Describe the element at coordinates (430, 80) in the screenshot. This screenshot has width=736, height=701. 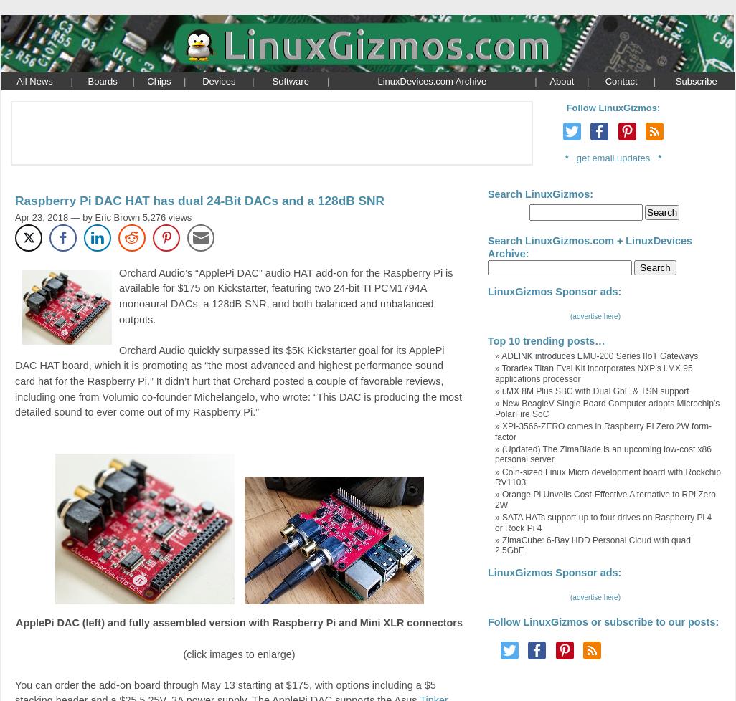
I see `'LinuxDevices.com Archive'` at that location.